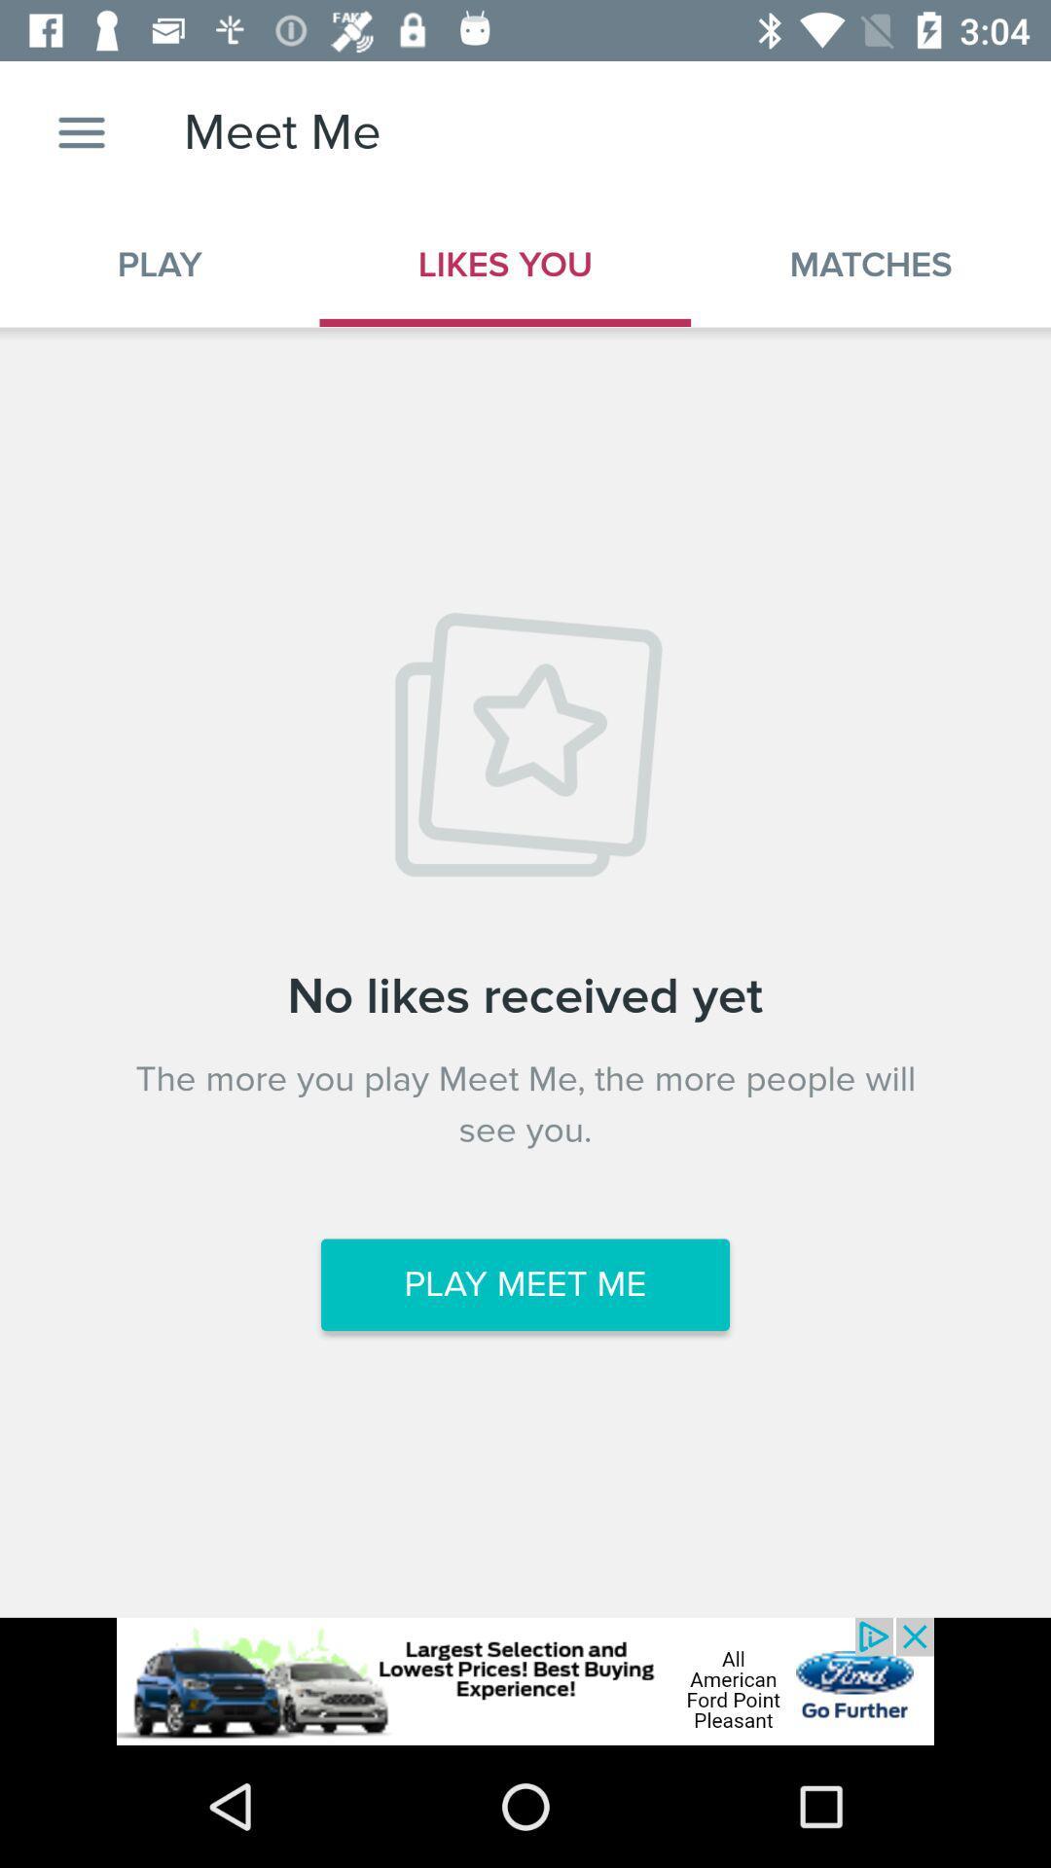 Image resolution: width=1051 pixels, height=1868 pixels. Describe the element at coordinates (81, 131) in the screenshot. I see `setting` at that location.